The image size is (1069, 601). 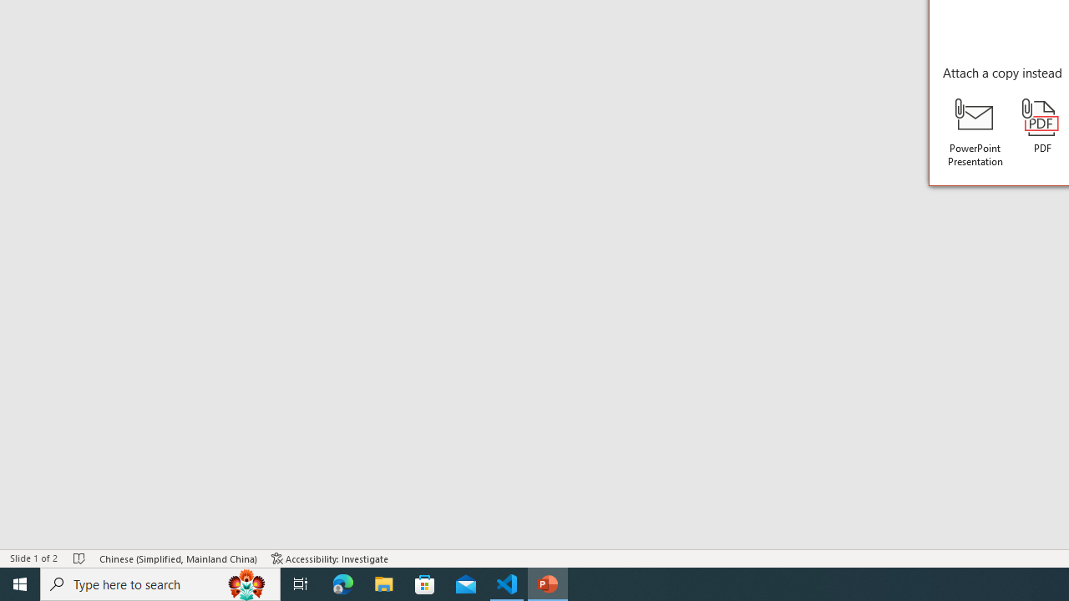 What do you see at coordinates (975, 132) in the screenshot?
I see `'PowerPoint Presentation'` at bounding box center [975, 132].